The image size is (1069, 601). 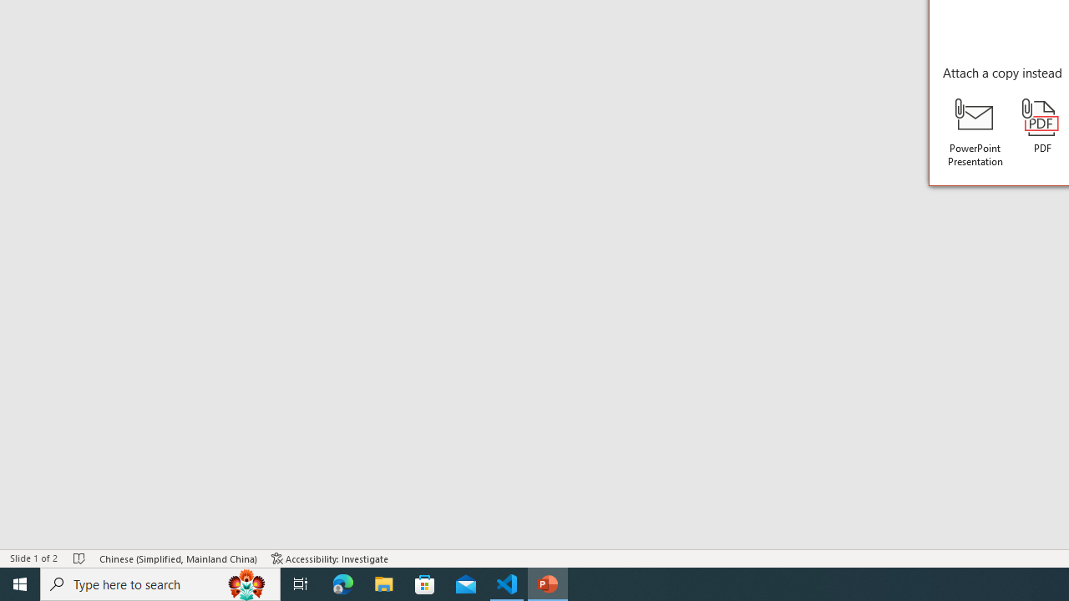 What do you see at coordinates (975, 132) in the screenshot?
I see `'PowerPoint Presentation'` at bounding box center [975, 132].